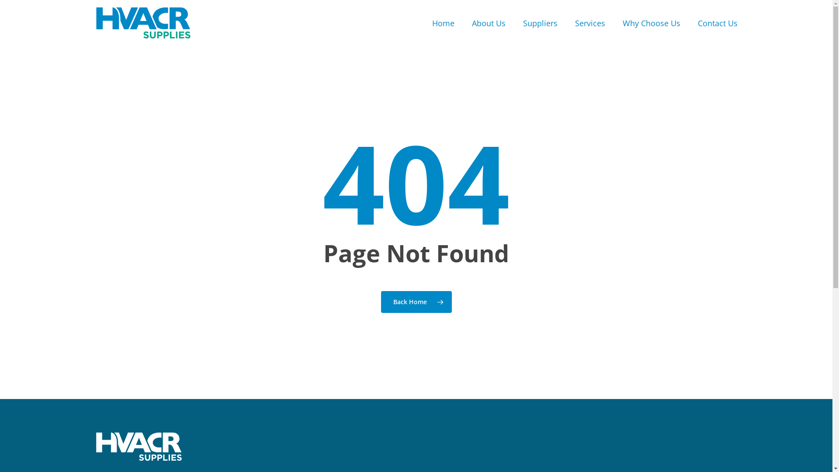 The width and height of the screenshot is (839, 472). Describe the element at coordinates (590, 23) in the screenshot. I see `'Services'` at that location.